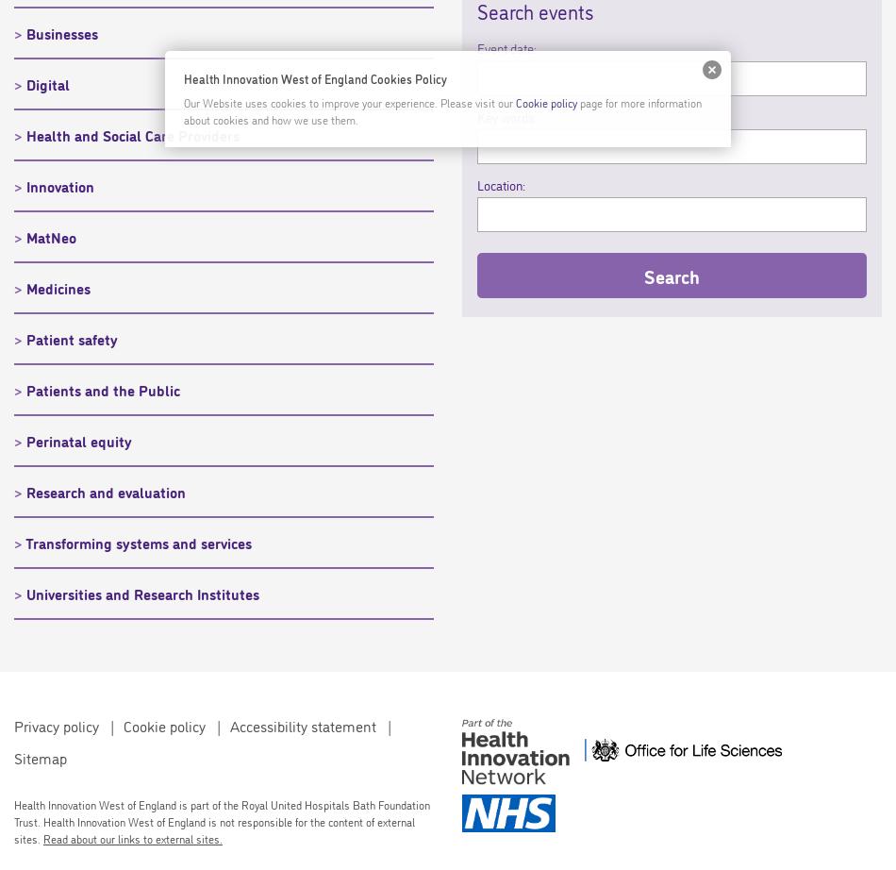 The image size is (896, 870). What do you see at coordinates (58, 286) in the screenshot?
I see `'Medicines'` at bounding box center [58, 286].